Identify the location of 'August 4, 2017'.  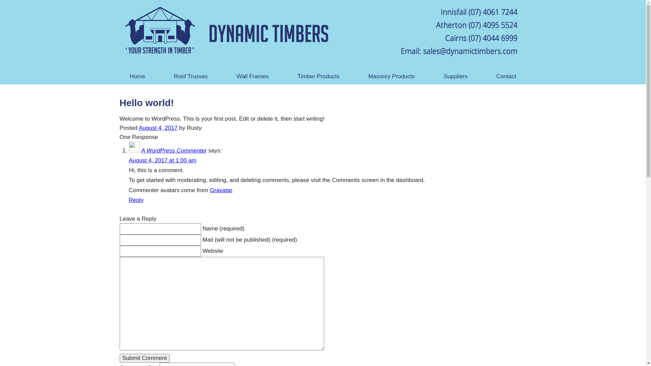
(157, 128).